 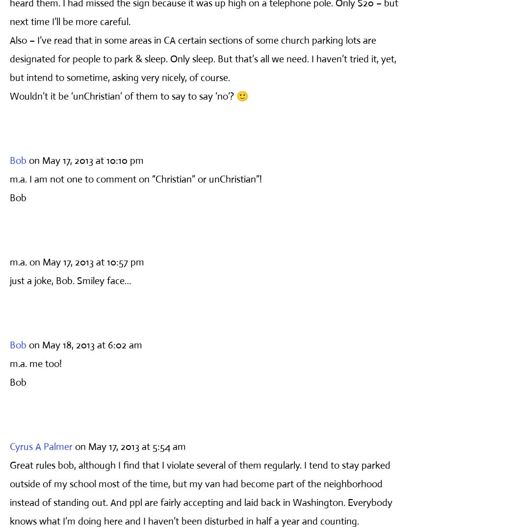 What do you see at coordinates (70, 280) in the screenshot?
I see `'just a joke, Bob. Smiley face…'` at bounding box center [70, 280].